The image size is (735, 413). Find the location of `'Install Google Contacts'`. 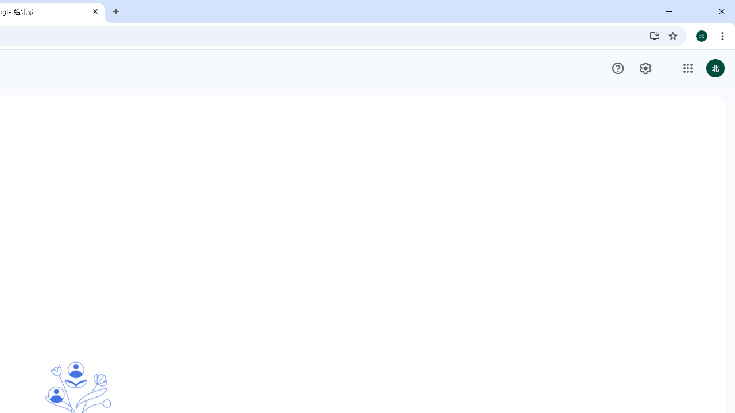

'Install Google Contacts' is located at coordinates (654, 35).